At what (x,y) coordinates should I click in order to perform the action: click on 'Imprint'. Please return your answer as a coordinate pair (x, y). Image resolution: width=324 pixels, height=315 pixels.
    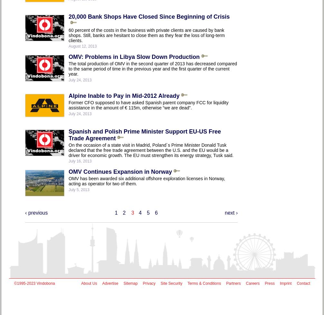
    Looking at the image, I should click on (285, 283).